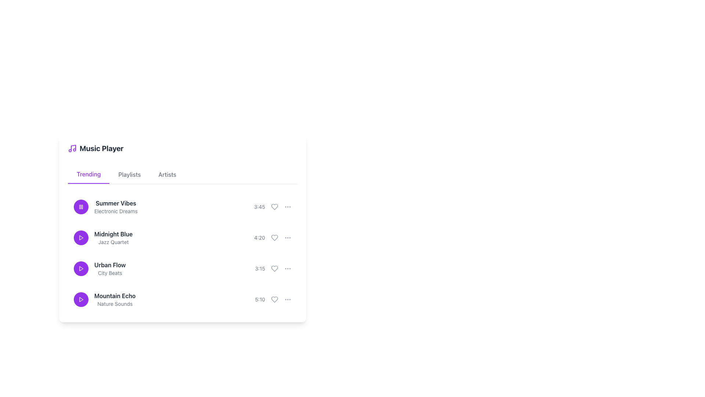  What do you see at coordinates (274, 207) in the screenshot?
I see `the heart-shaped 'like' button to indicate preference for the song associated with the 'Summer Vibes' entry, which is located near the timestamp '3:45'` at bounding box center [274, 207].